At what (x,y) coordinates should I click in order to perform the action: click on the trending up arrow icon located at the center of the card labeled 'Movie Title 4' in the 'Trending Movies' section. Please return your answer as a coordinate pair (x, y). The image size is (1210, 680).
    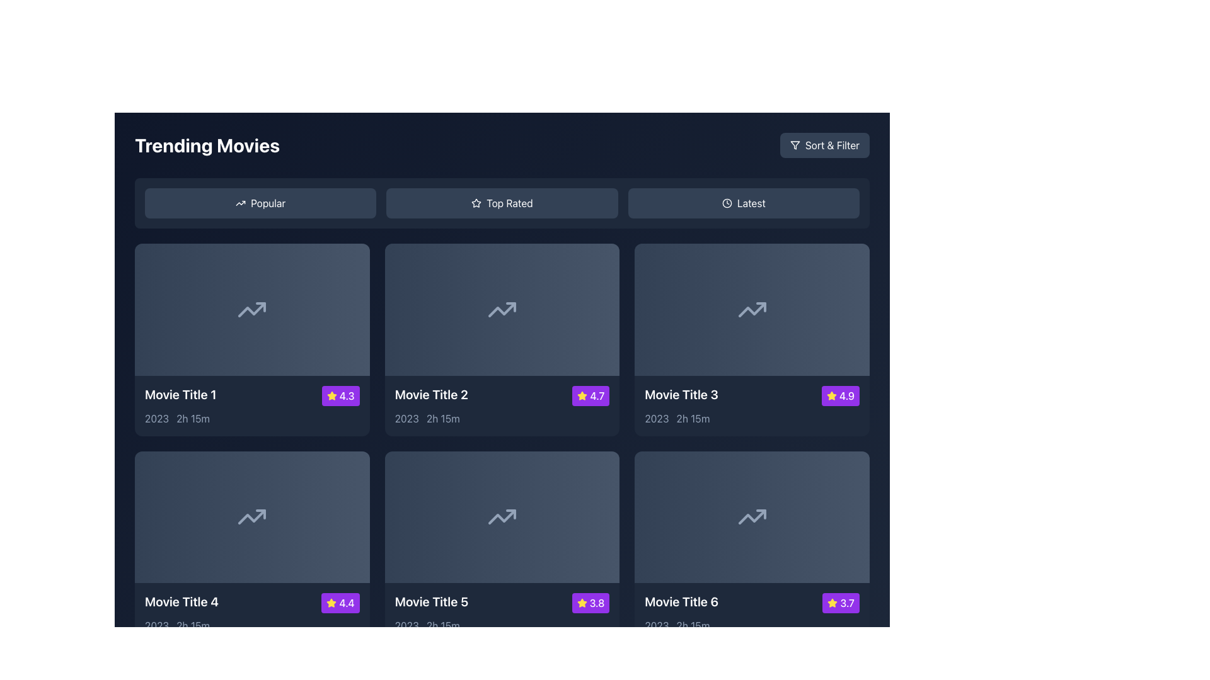
    Looking at the image, I should click on (252, 517).